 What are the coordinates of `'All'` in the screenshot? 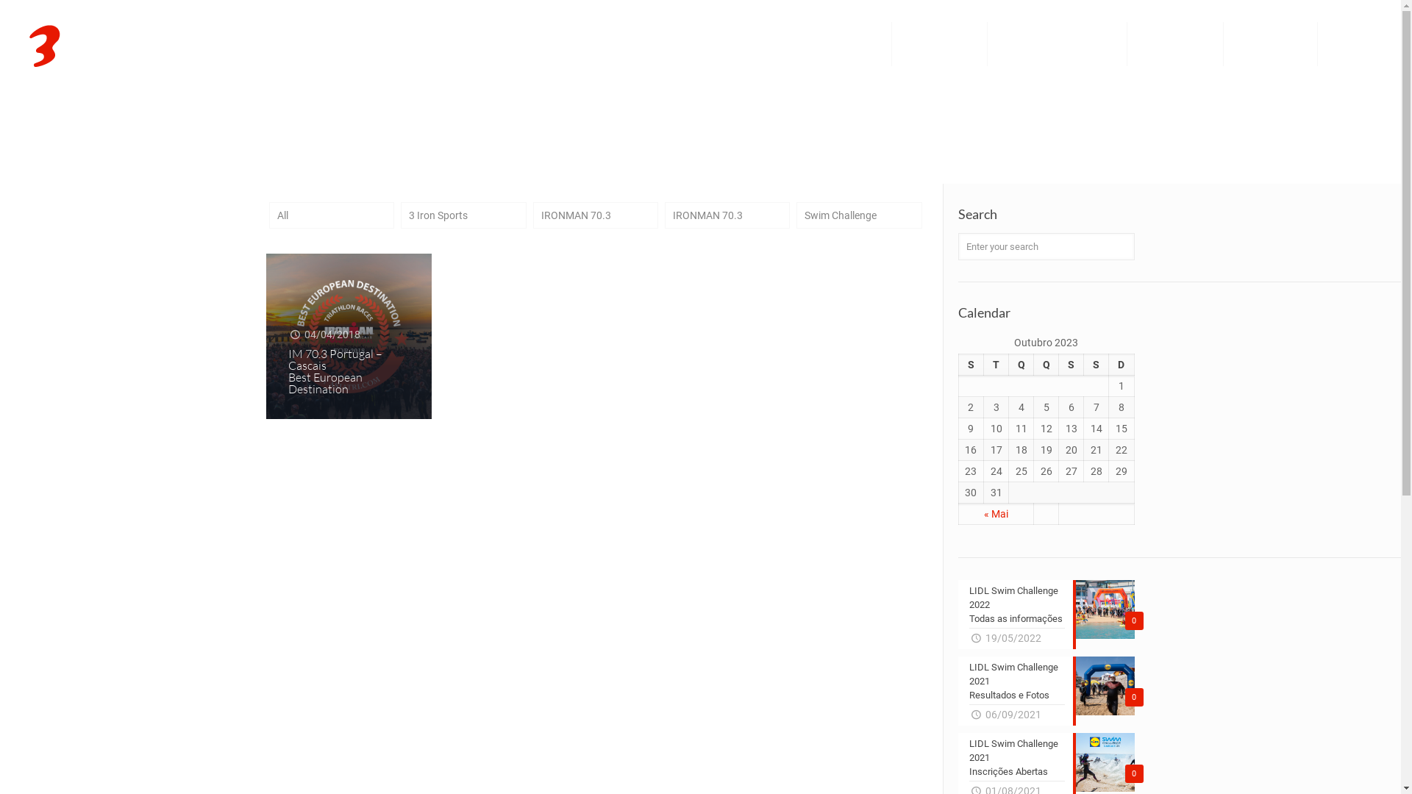 It's located at (331, 215).